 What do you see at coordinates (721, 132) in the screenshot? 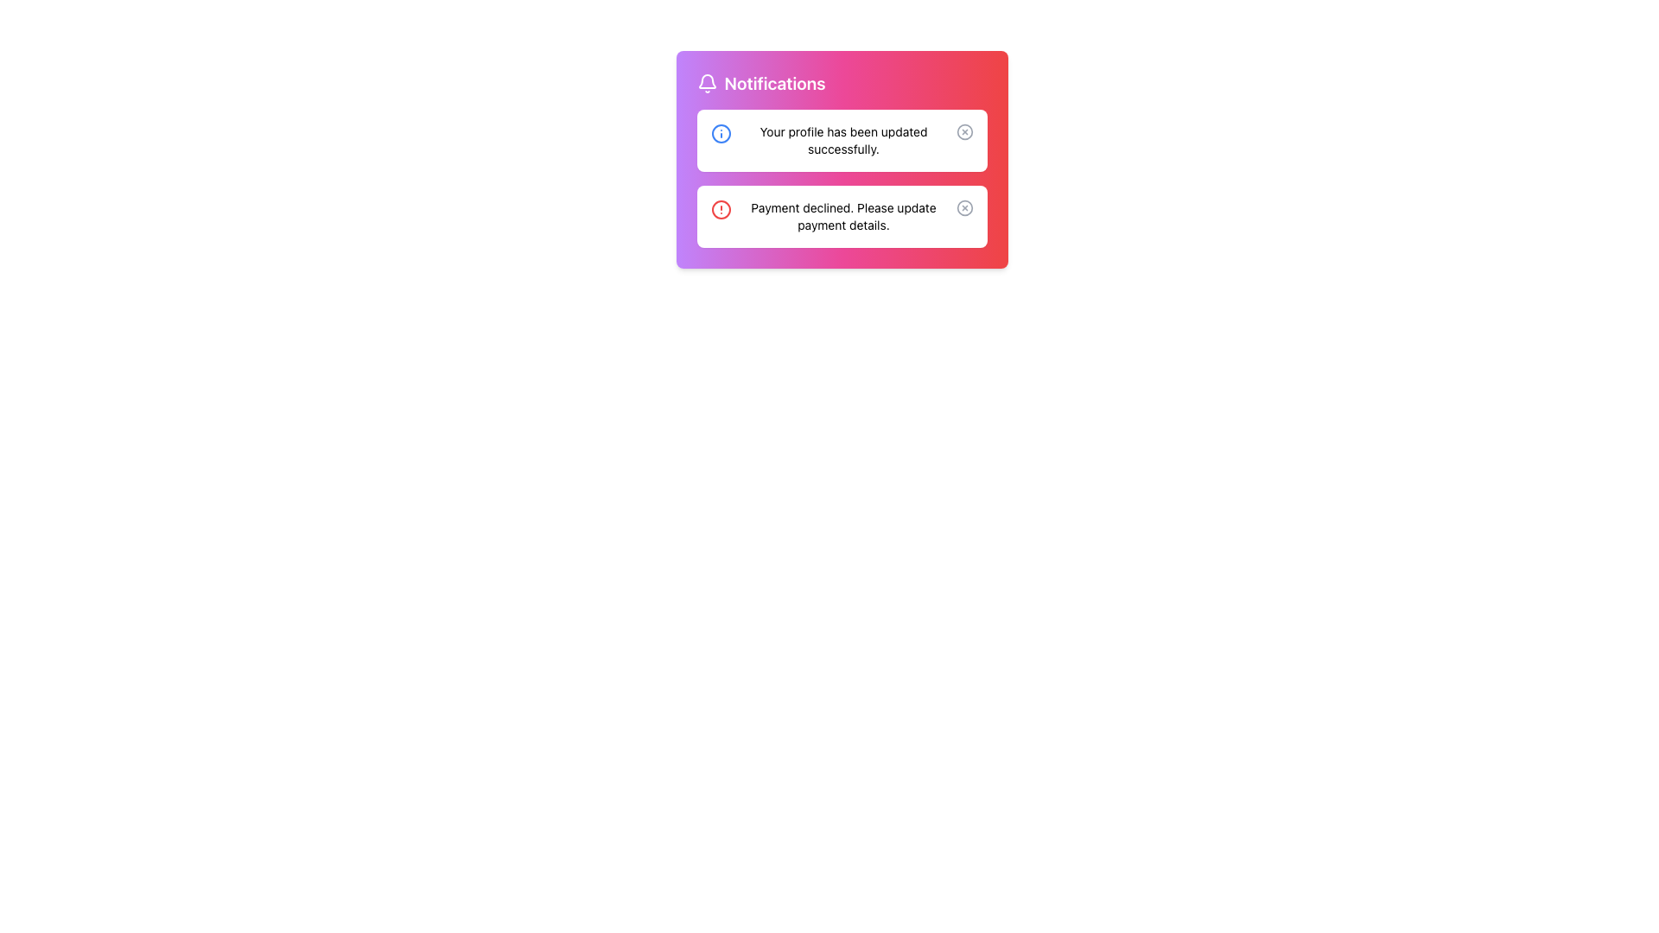
I see `the circular core part of the info icon located to the left of the notification text 'Your profile has been updated successfully.'` at bounding box center [721, 132].